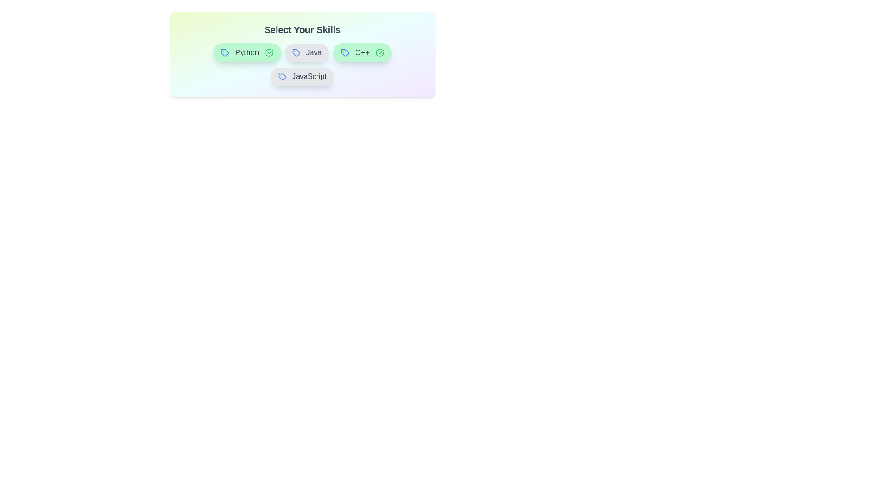 This screenshot has height=496, width=882. What do you see at coordinates (247, 53) in the screenshot?
I see `the badge for the skill Python` at bounding box center [247, 53].